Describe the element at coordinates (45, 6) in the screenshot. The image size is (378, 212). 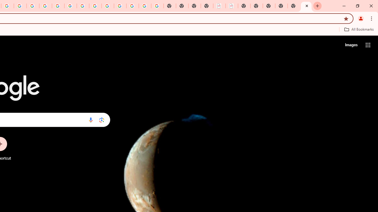
I see `'Privacy Help Center - Policies Help'` at that location.